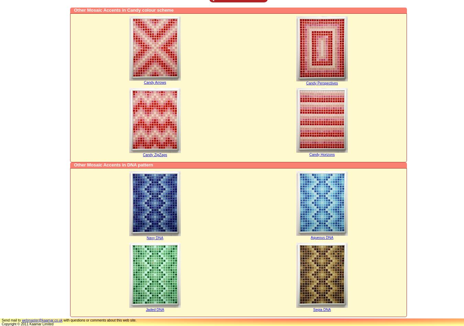 The width and height of the screenshot is (464, 326). I want to click on 'Jaded DNA', so click(155, 309).